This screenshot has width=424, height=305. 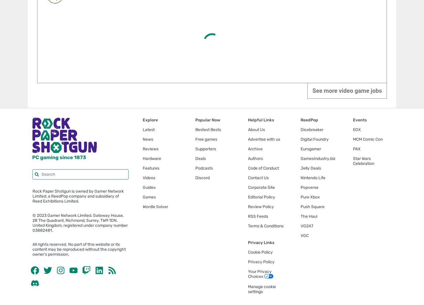 I want to click on 'Discord', so click(x=202, y=177).